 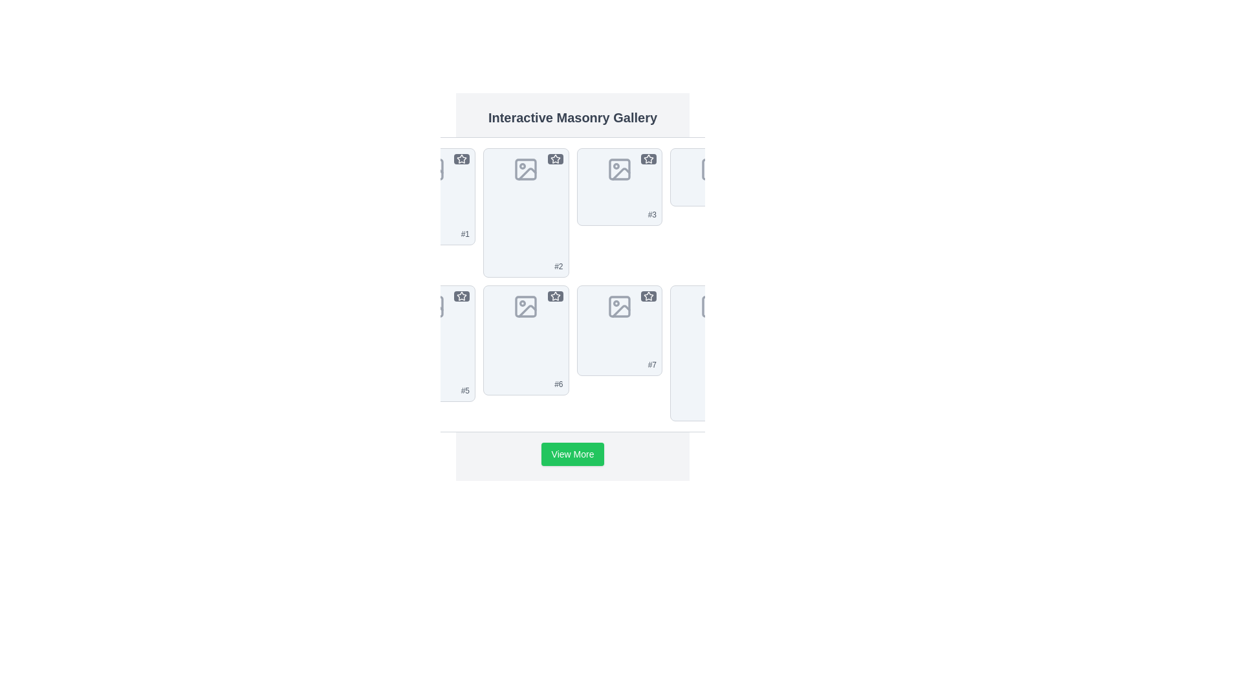 What do you see at coordinates (649, 296) in the screenshot?
I see `the star-shaped icon located at the top right corner of card #7 in the UI design` at bounding box center [649, 296].